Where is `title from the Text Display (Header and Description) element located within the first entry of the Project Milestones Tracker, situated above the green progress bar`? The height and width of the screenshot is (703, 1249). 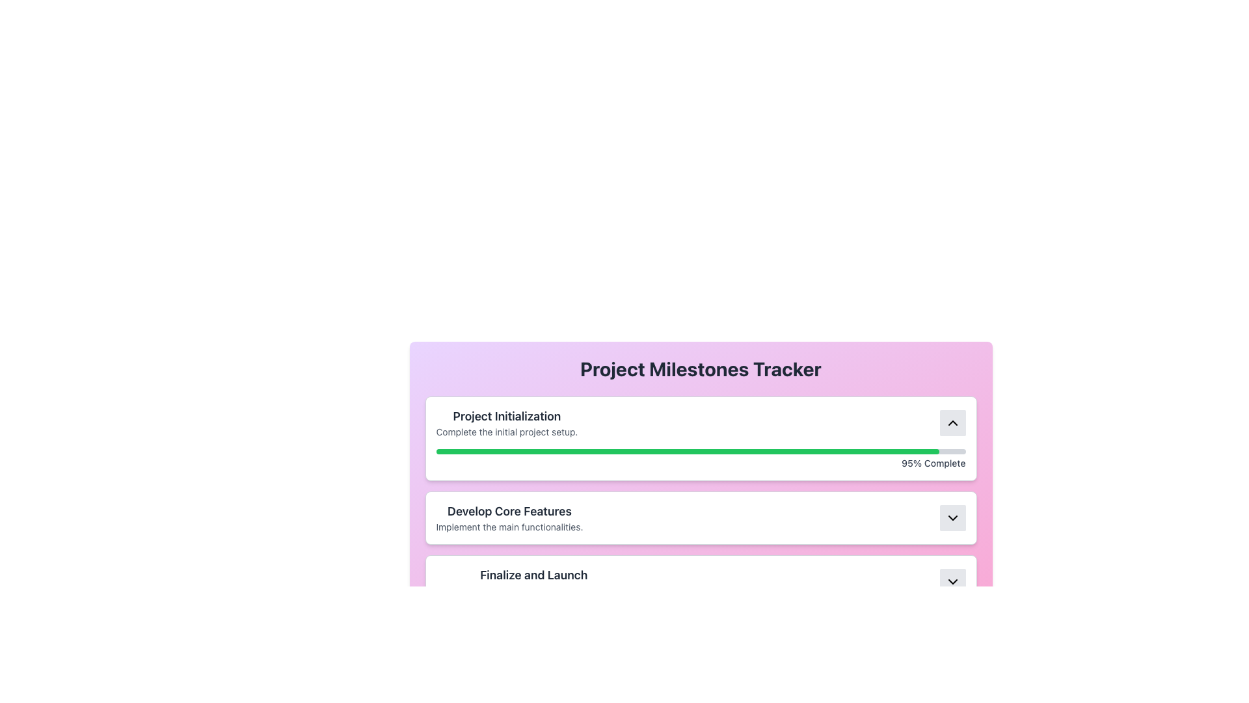 title from the Text Display (Header and Description) element located within the first entry of the Project Milestones Tracker, situated above the green progress bar is located at coordinates (506, 423).